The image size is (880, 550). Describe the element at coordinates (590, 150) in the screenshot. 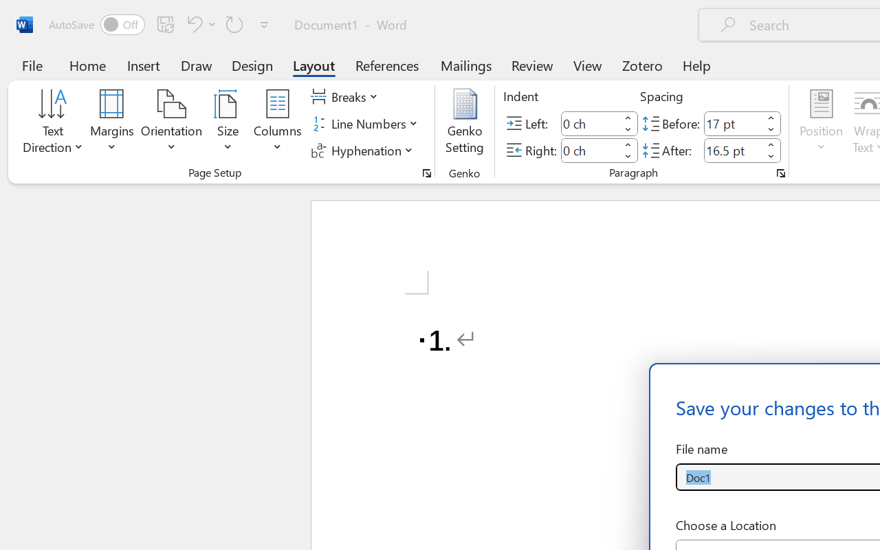

I see `'Indent Right'` at that location.